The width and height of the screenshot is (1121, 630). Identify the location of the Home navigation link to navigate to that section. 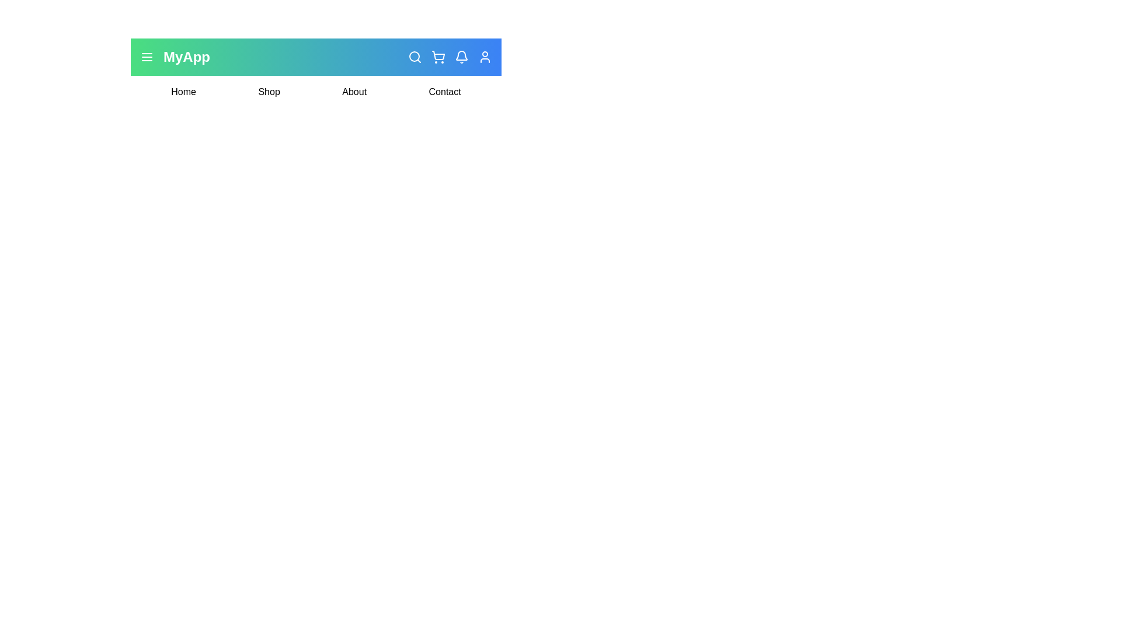
(183, 92).